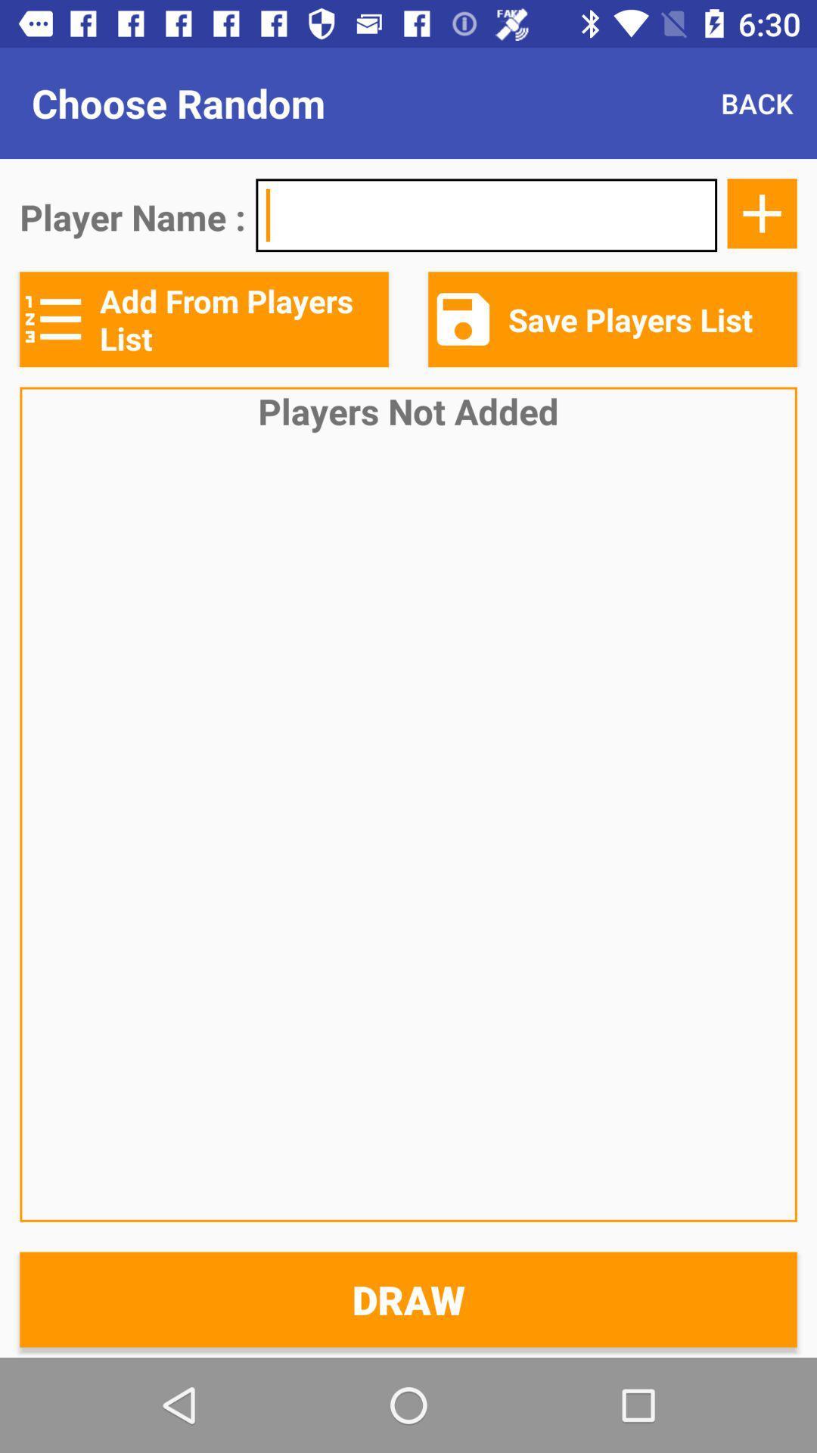 The width and height of the screenshot is (817, 1453). What do you see at coordinates (762, 213) in the screenshot?
I see `click+` at bounding box center [762, 213].